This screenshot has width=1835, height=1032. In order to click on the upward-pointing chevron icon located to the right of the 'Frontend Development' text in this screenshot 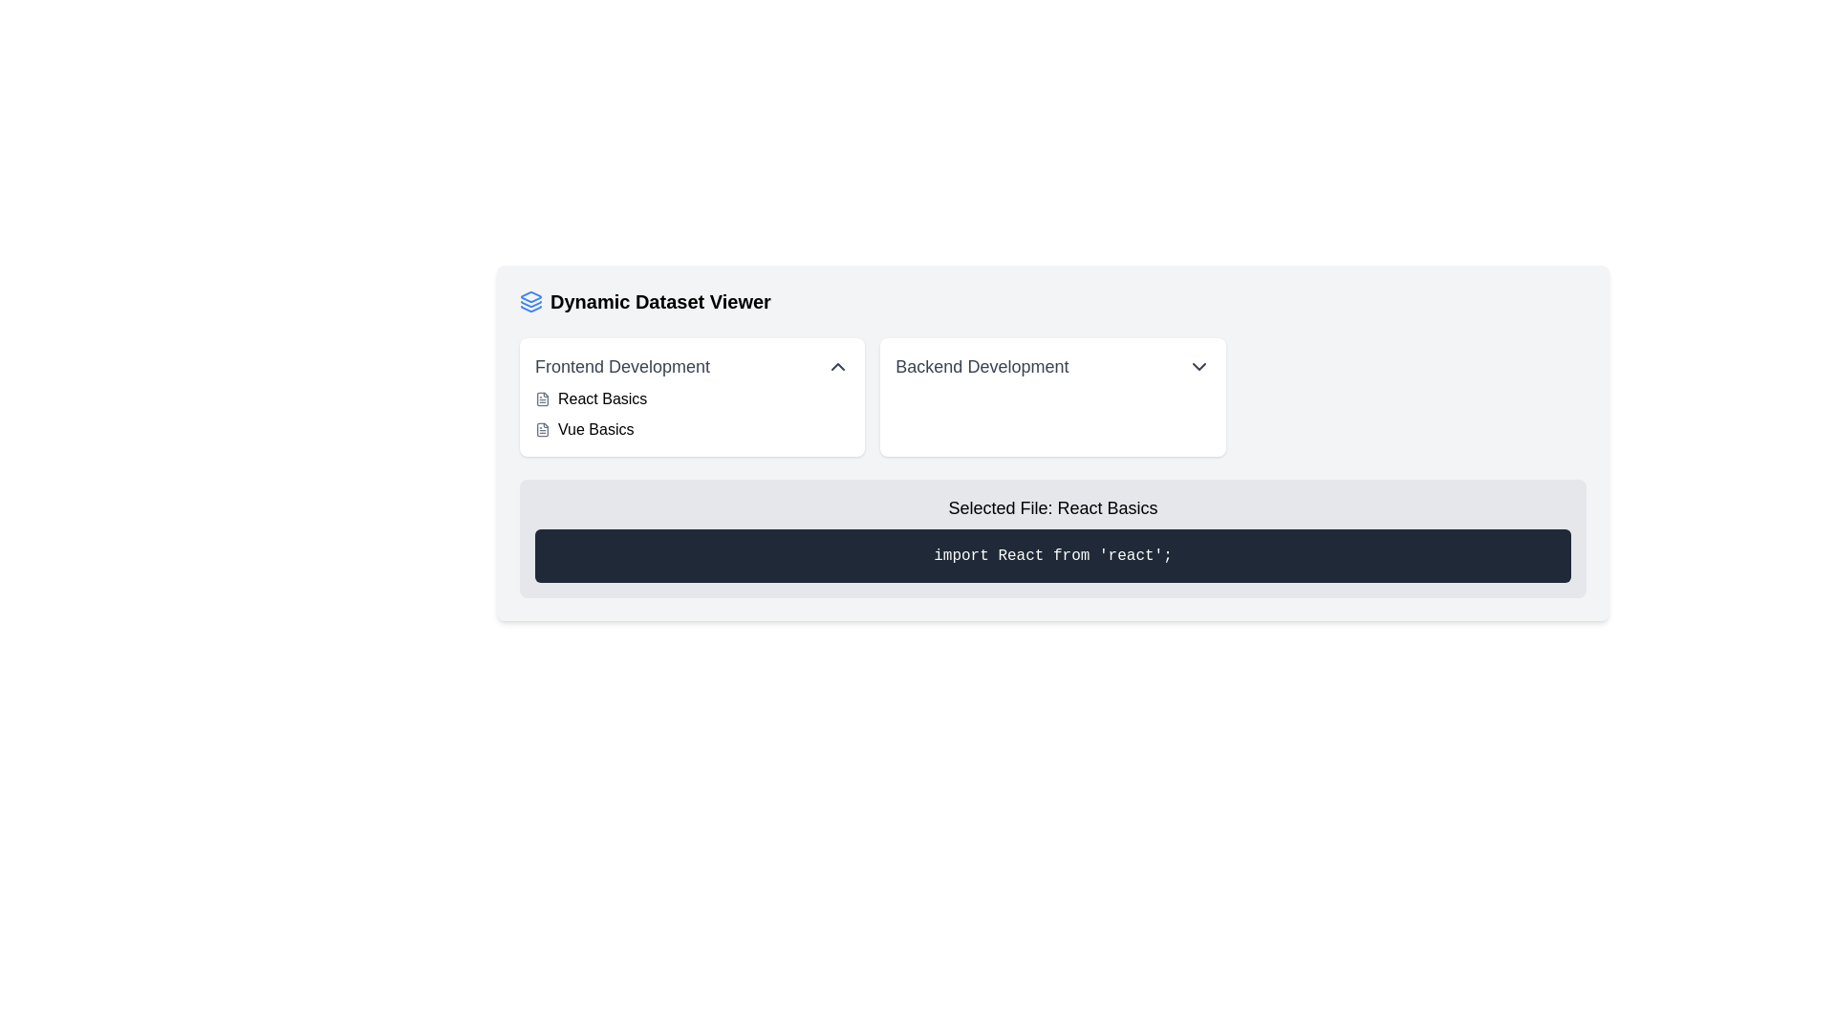, I will do `click(838, 367)`.